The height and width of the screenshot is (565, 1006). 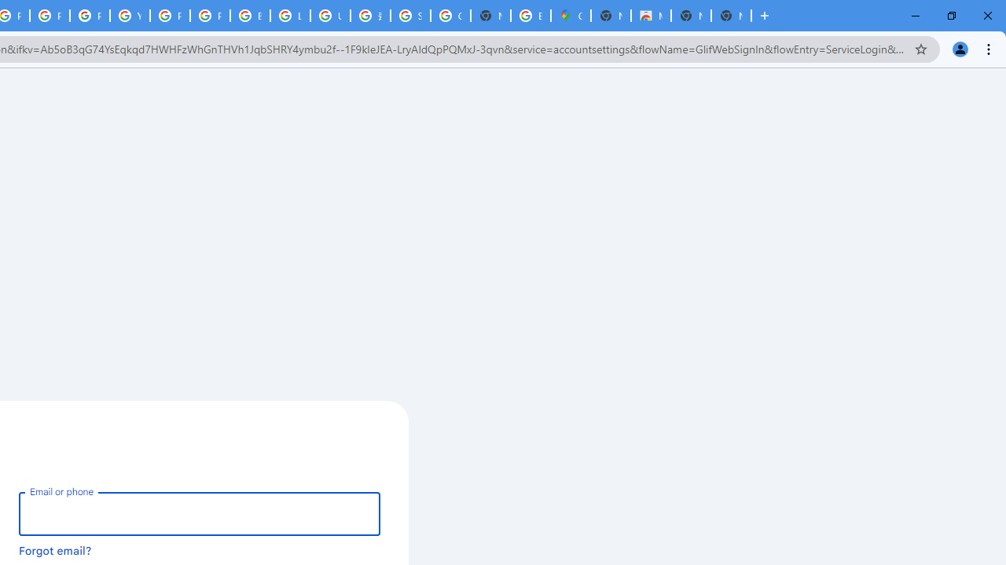 I want to click on 'Restore', so click(x=950, y=16).